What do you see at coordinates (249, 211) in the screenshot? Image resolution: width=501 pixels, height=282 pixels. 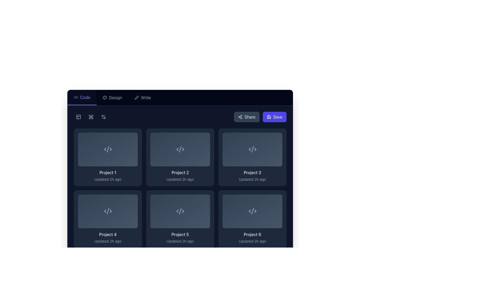 I see `SVG icon representing a start marker for 'Project 6', located in the second row, third column of the grid layout` at bounding box center [249, 211].